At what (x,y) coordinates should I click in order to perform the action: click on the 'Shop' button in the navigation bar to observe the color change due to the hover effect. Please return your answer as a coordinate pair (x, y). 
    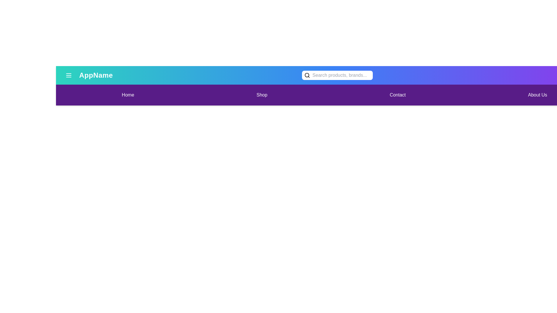
    Looking at the image, I should click on (261, 94).